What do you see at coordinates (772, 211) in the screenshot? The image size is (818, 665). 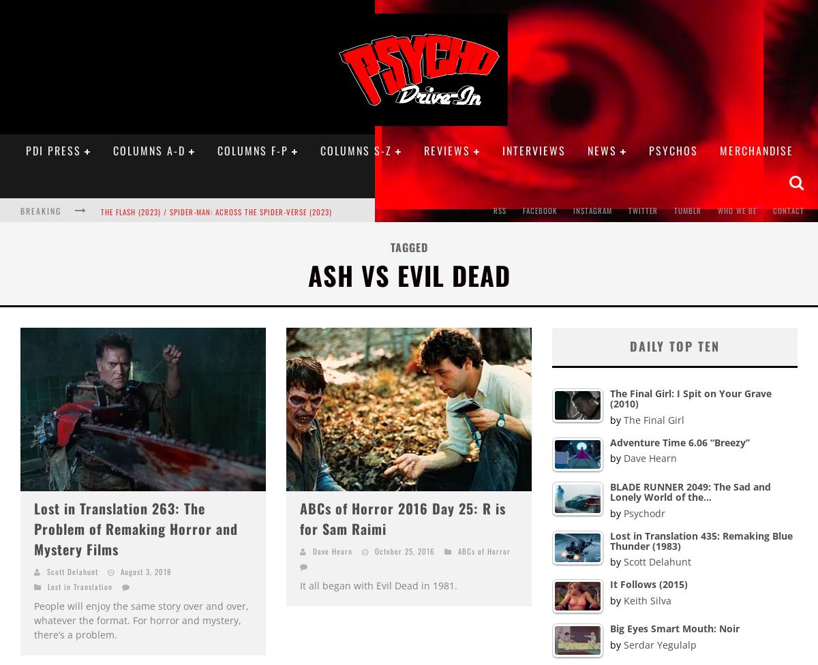 I see `'Contact'` at bounding box center [772, 211].